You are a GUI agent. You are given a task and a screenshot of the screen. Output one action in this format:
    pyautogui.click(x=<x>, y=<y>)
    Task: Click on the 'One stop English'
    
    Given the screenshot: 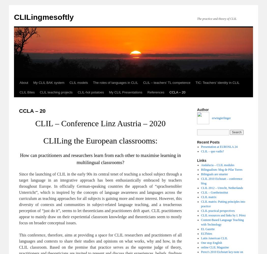 What is the action you would take?
    pyautogui.click(x=201, y=243)
    